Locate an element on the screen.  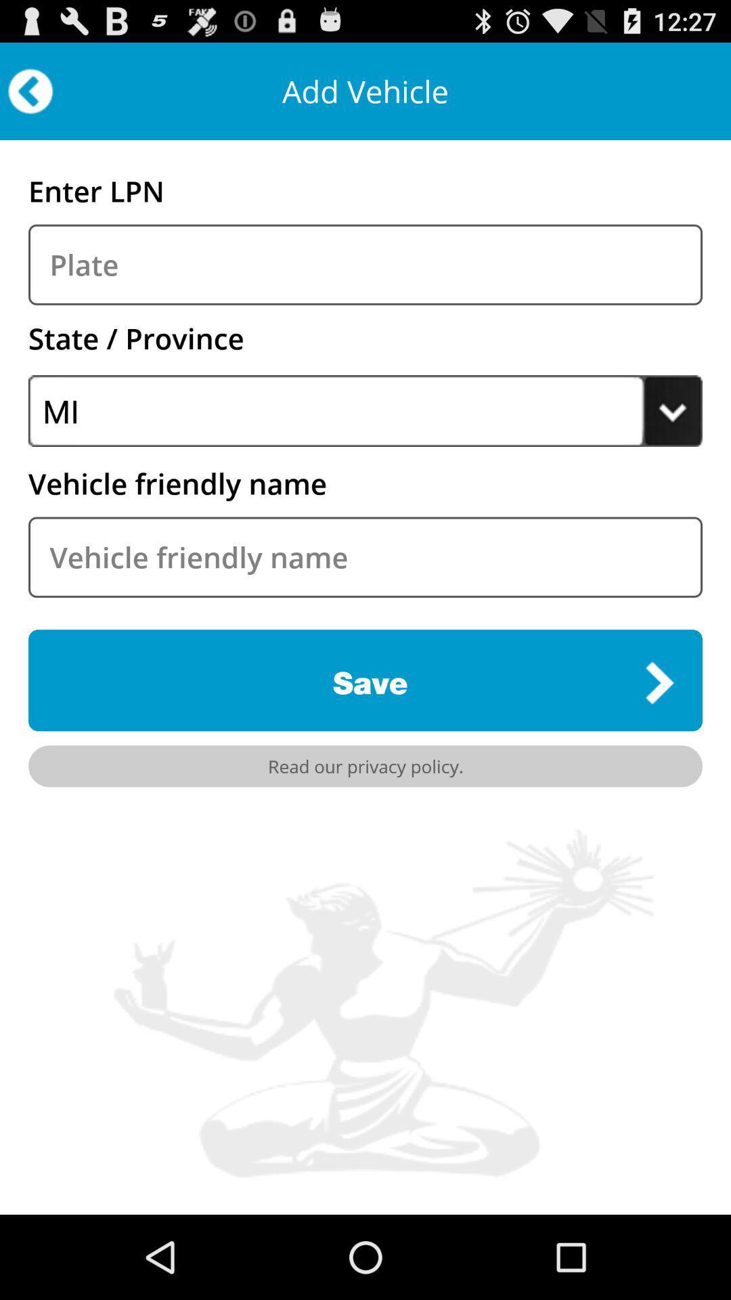
vehicle booking is located at coordinates (365, 265).